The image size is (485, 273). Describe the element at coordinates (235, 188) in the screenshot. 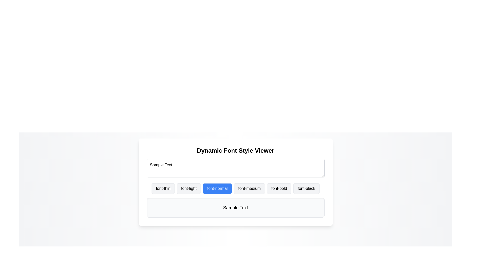

I see `one of the buttons in the horizontal font style selector located centrally below the 'Sample Text' area` at that location.